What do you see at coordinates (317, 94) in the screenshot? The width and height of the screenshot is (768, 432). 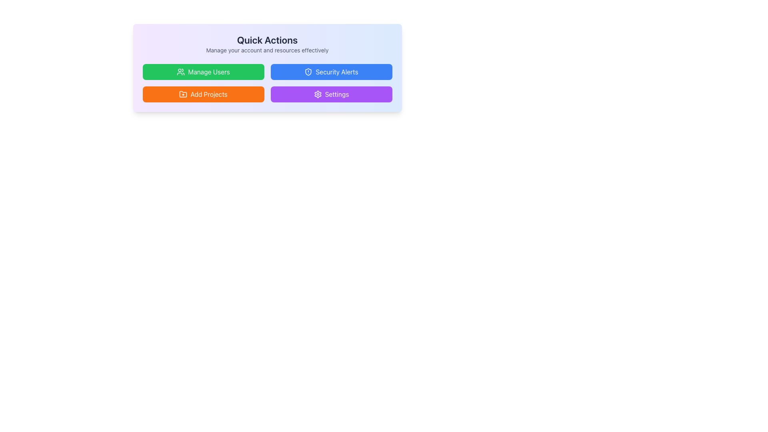 I see `the left-aligned settings icon within the purple-colored 'Settings' button located in the bottom right corner of the grid` at bounding box center [317, 94].